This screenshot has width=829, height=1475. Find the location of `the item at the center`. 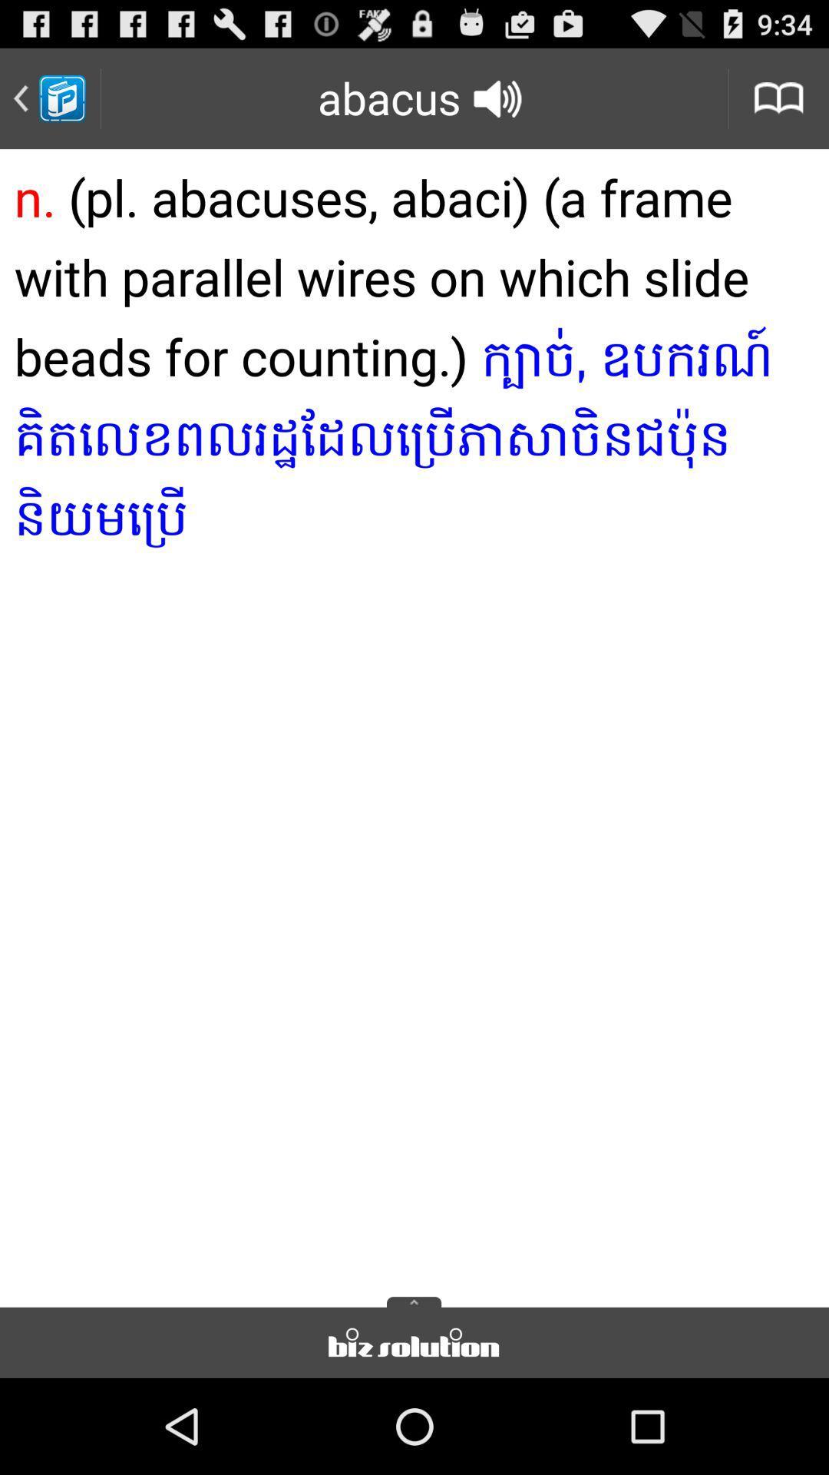

the item at the center is located at coordinates (414, 722).